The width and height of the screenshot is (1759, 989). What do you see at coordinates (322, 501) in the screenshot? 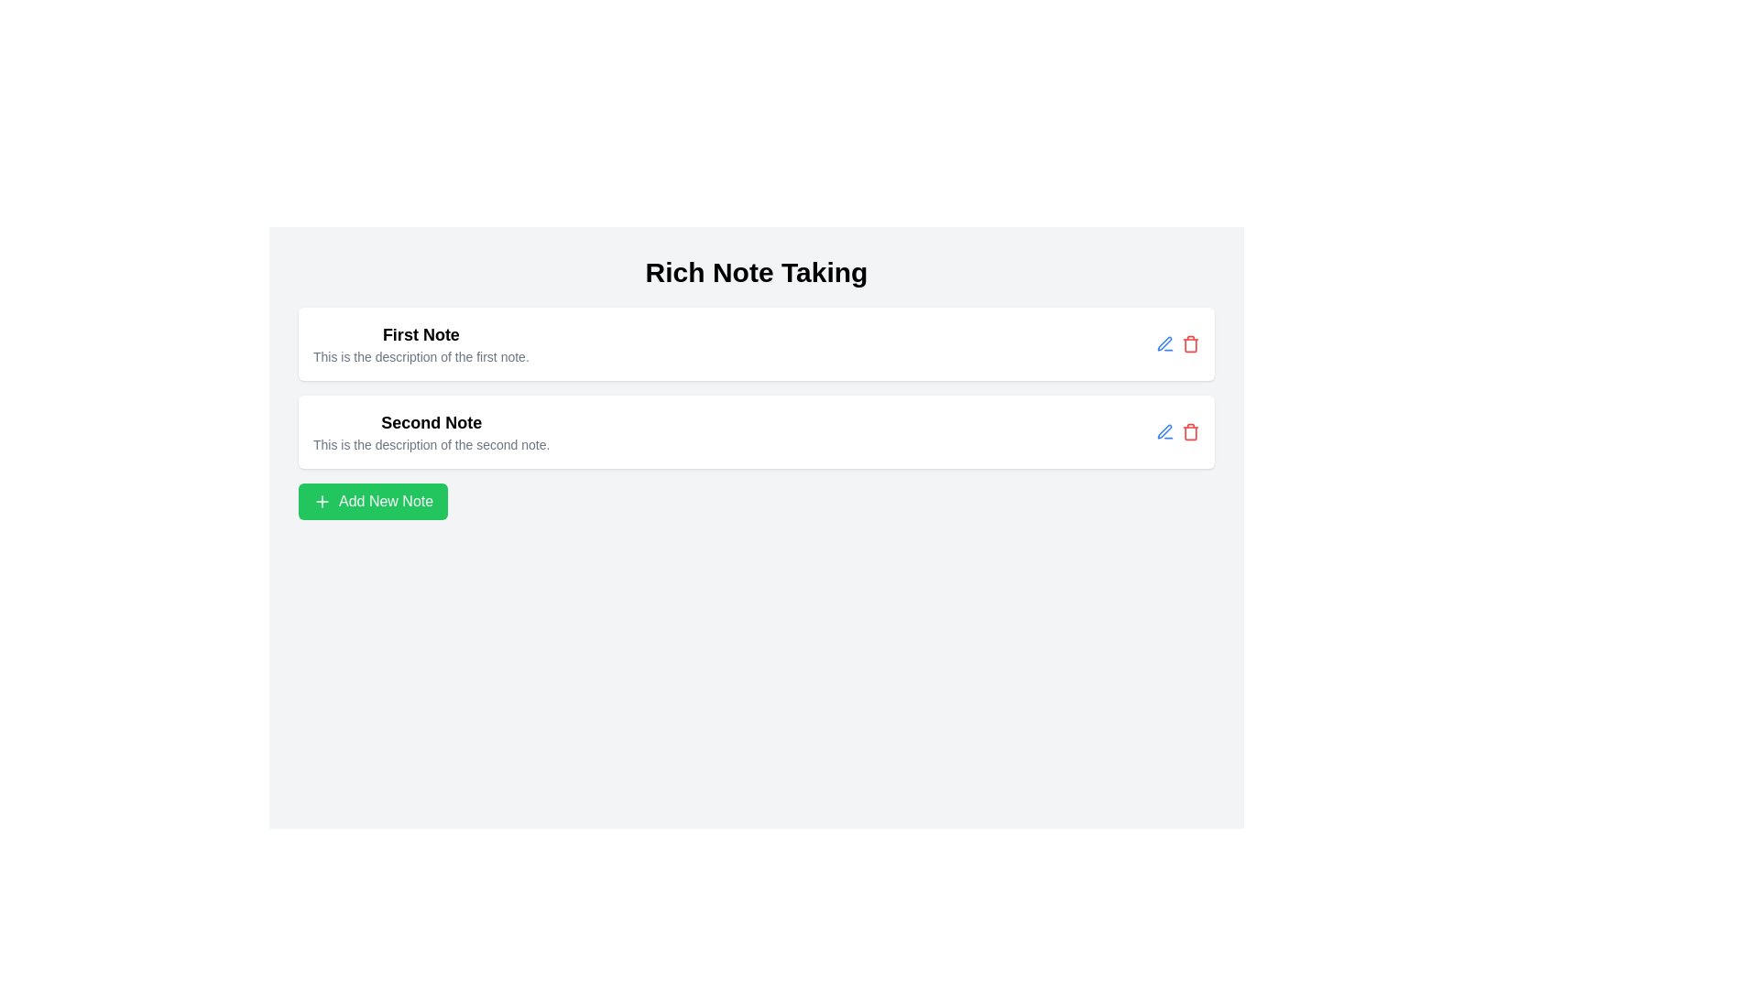
I see `the small square icon with a plus sign inside the 'Add New Note' button, which is visually indicated by its green background and stroke-based design` at bounding box center [322, 501].